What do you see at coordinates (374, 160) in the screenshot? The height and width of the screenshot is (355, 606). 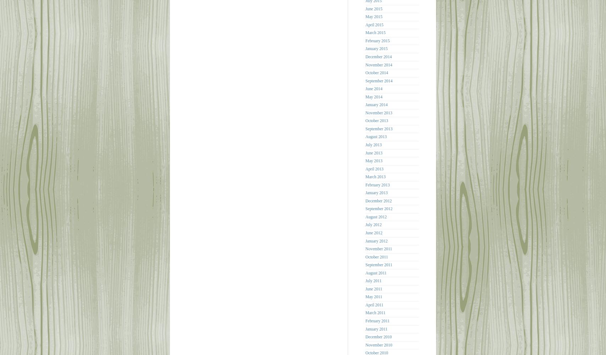 I see `'May 2013'` at bounding box center [374, 160].